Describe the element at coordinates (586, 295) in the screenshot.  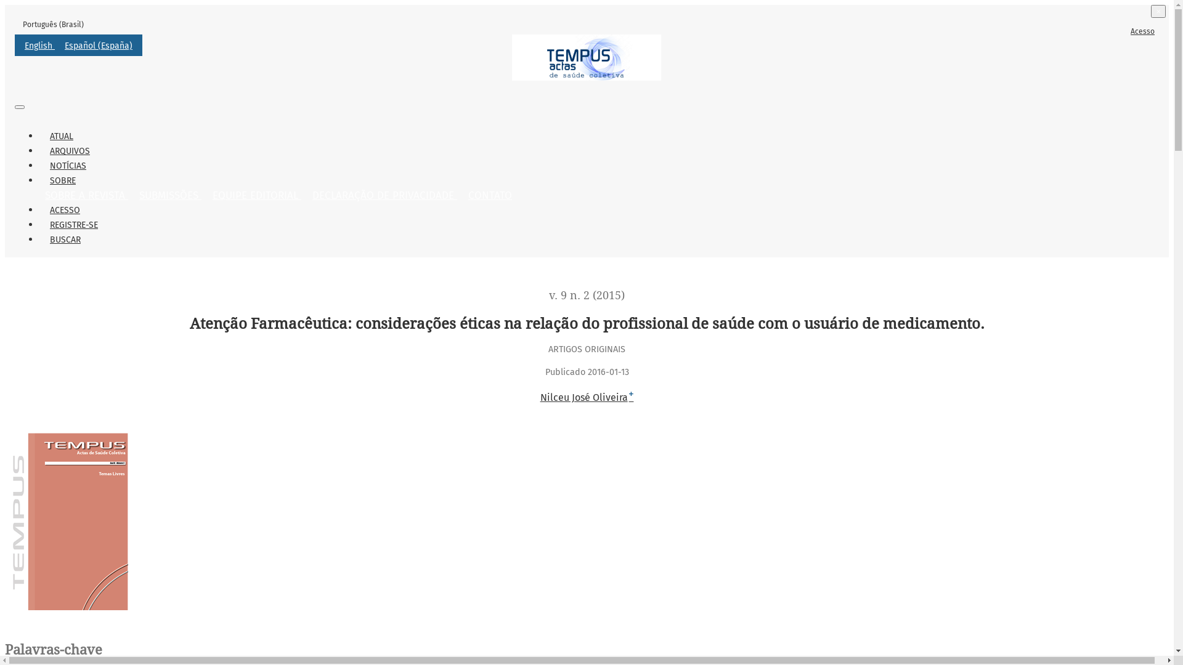
I see `'v. 9 n. 2 (2015)'` at that location.